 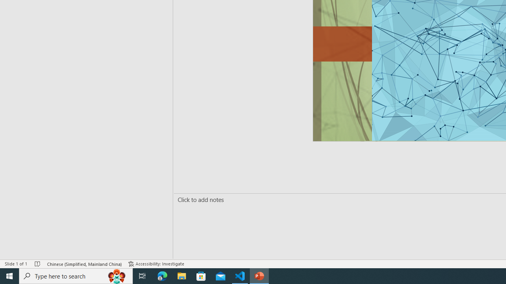 I want to click on 'Visual Studio Code - 1 running window', so click(x=240, y=275).